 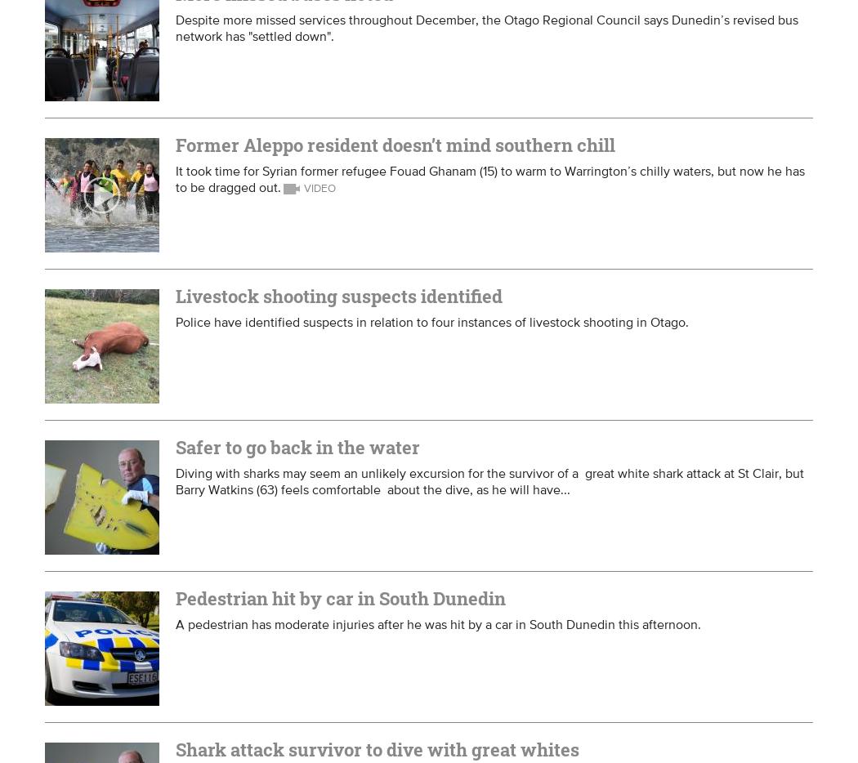 I want to click on 'Safer to go back in the water', so click(x=297, y=447).